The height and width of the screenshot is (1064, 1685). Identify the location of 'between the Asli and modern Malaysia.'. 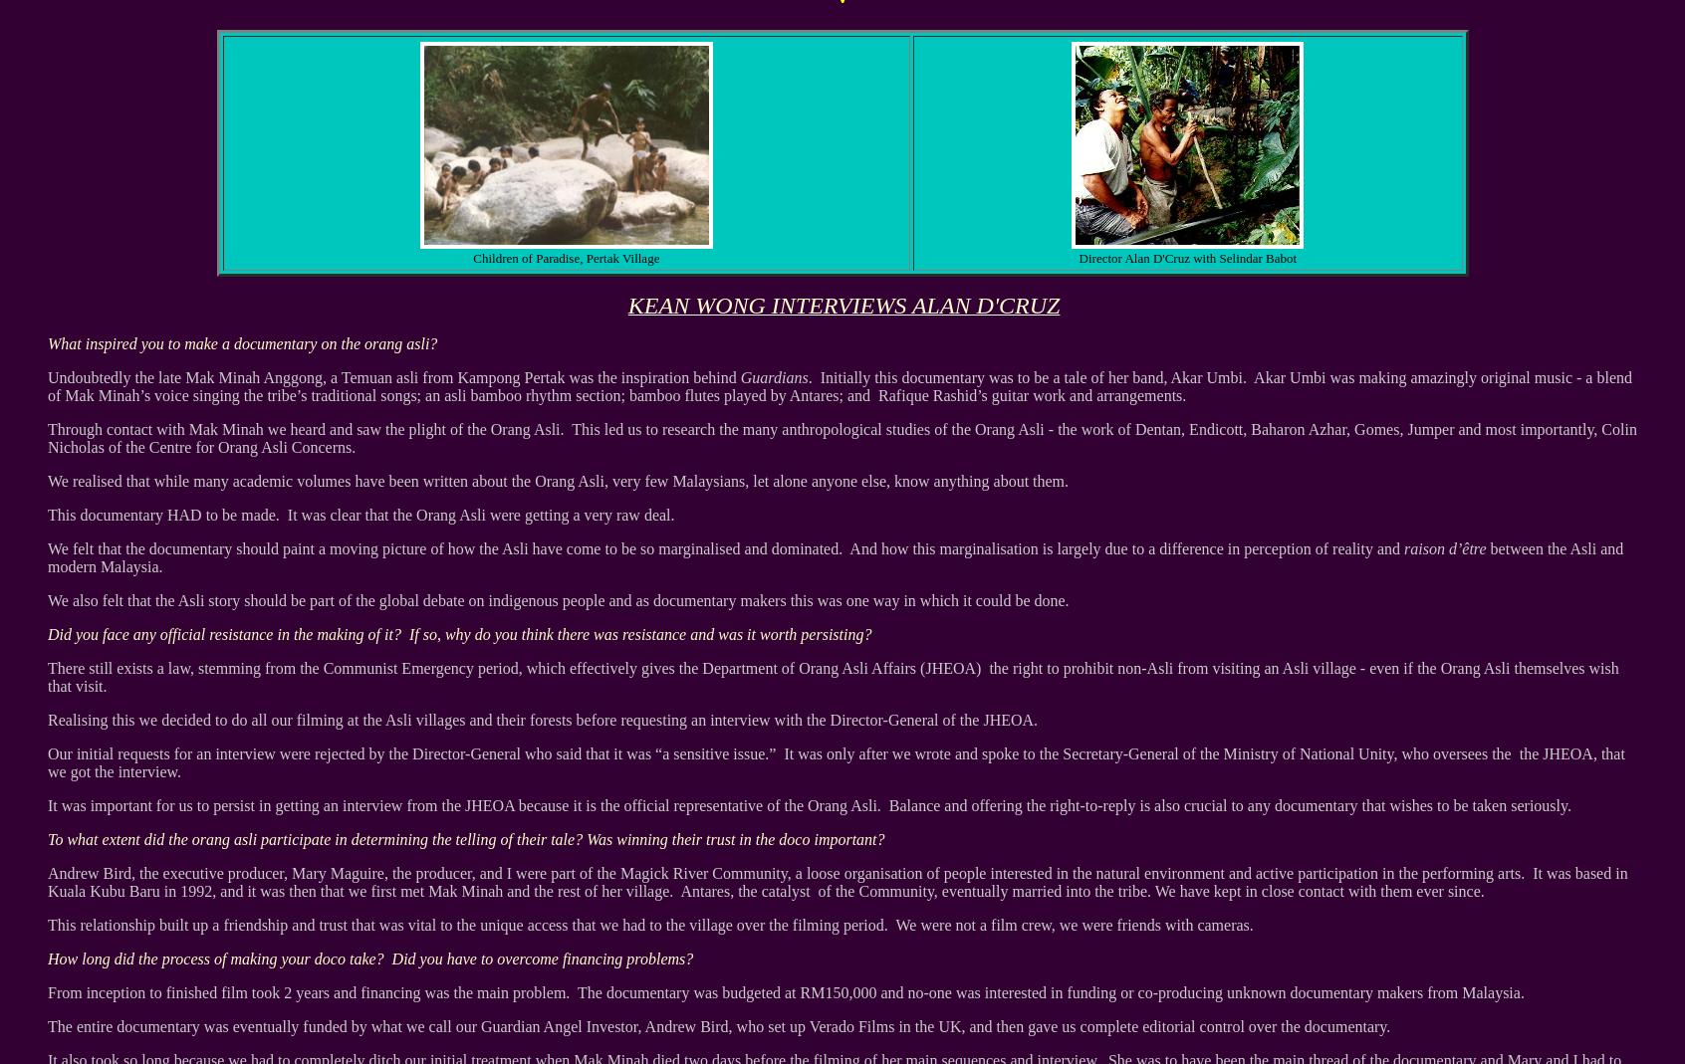
(836, 557).